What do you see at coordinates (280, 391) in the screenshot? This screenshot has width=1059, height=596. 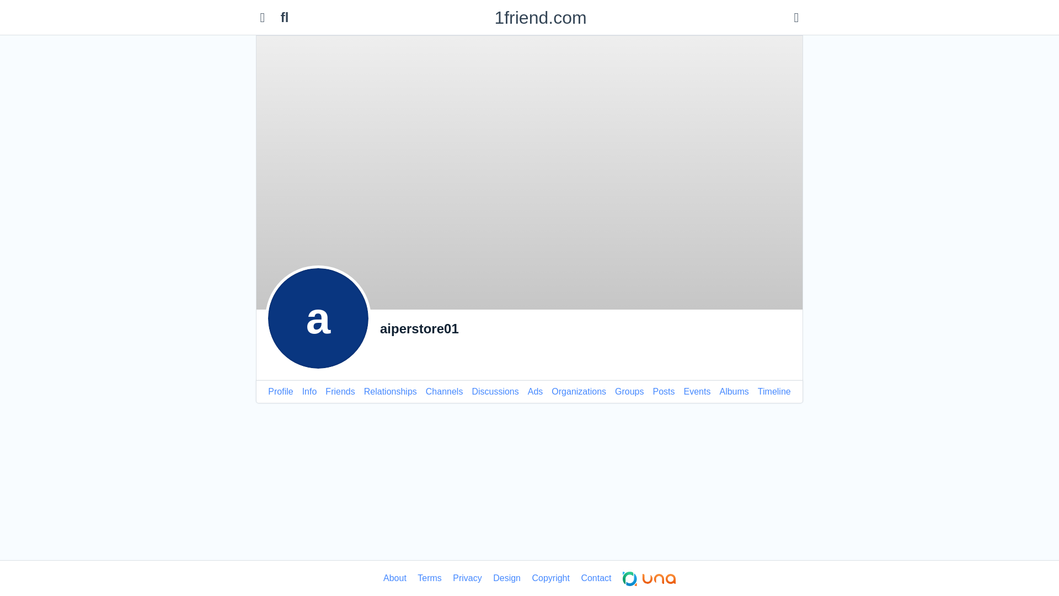 I see `'Profile'` at bounding box center [280, 391].